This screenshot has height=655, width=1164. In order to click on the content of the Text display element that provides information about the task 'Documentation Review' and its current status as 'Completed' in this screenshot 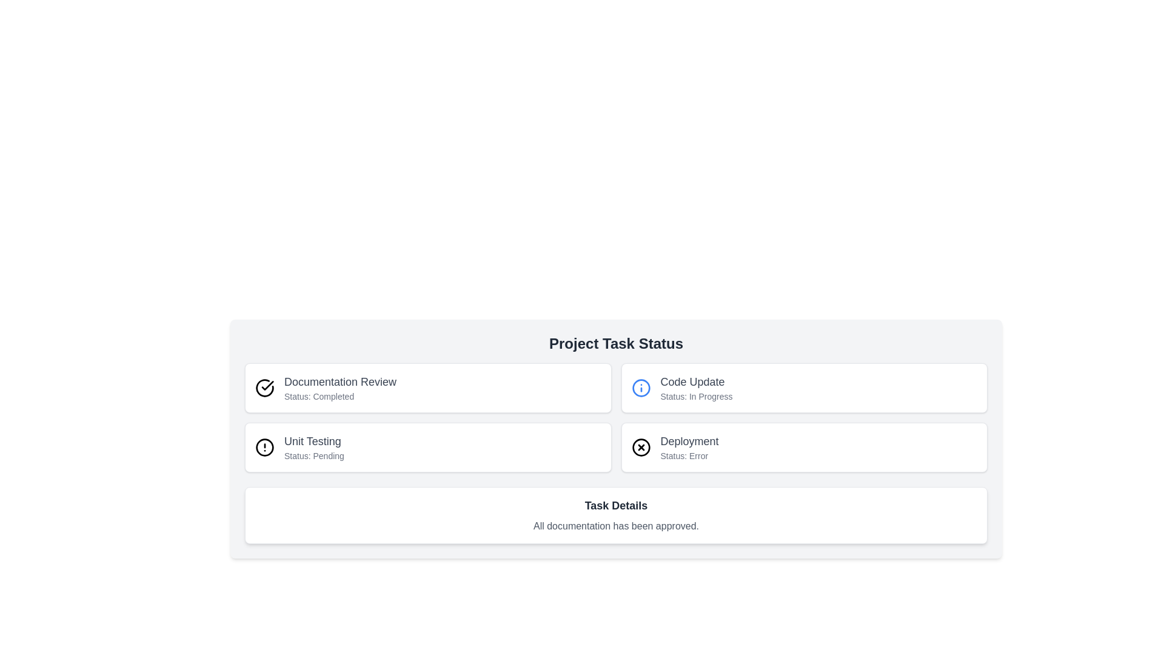, I will do `click(339, 388)`.